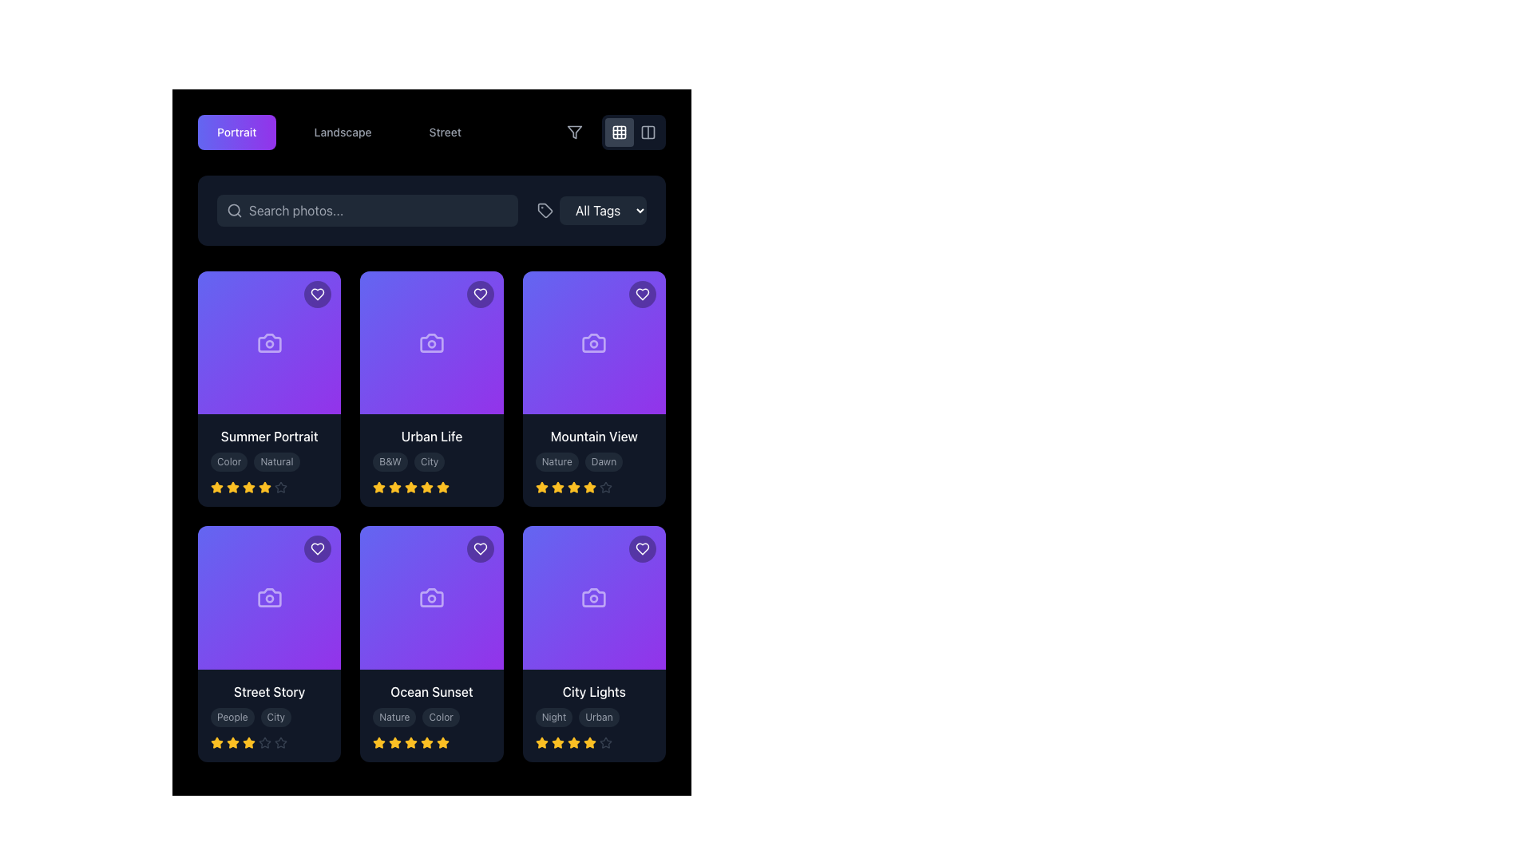 The width and height of the screenshot is (1533, 862). I want to click on the fifth star icon in the rating system of the 'Ocean Sunset' card to rate the item as 5 stars, so click(427, 742).